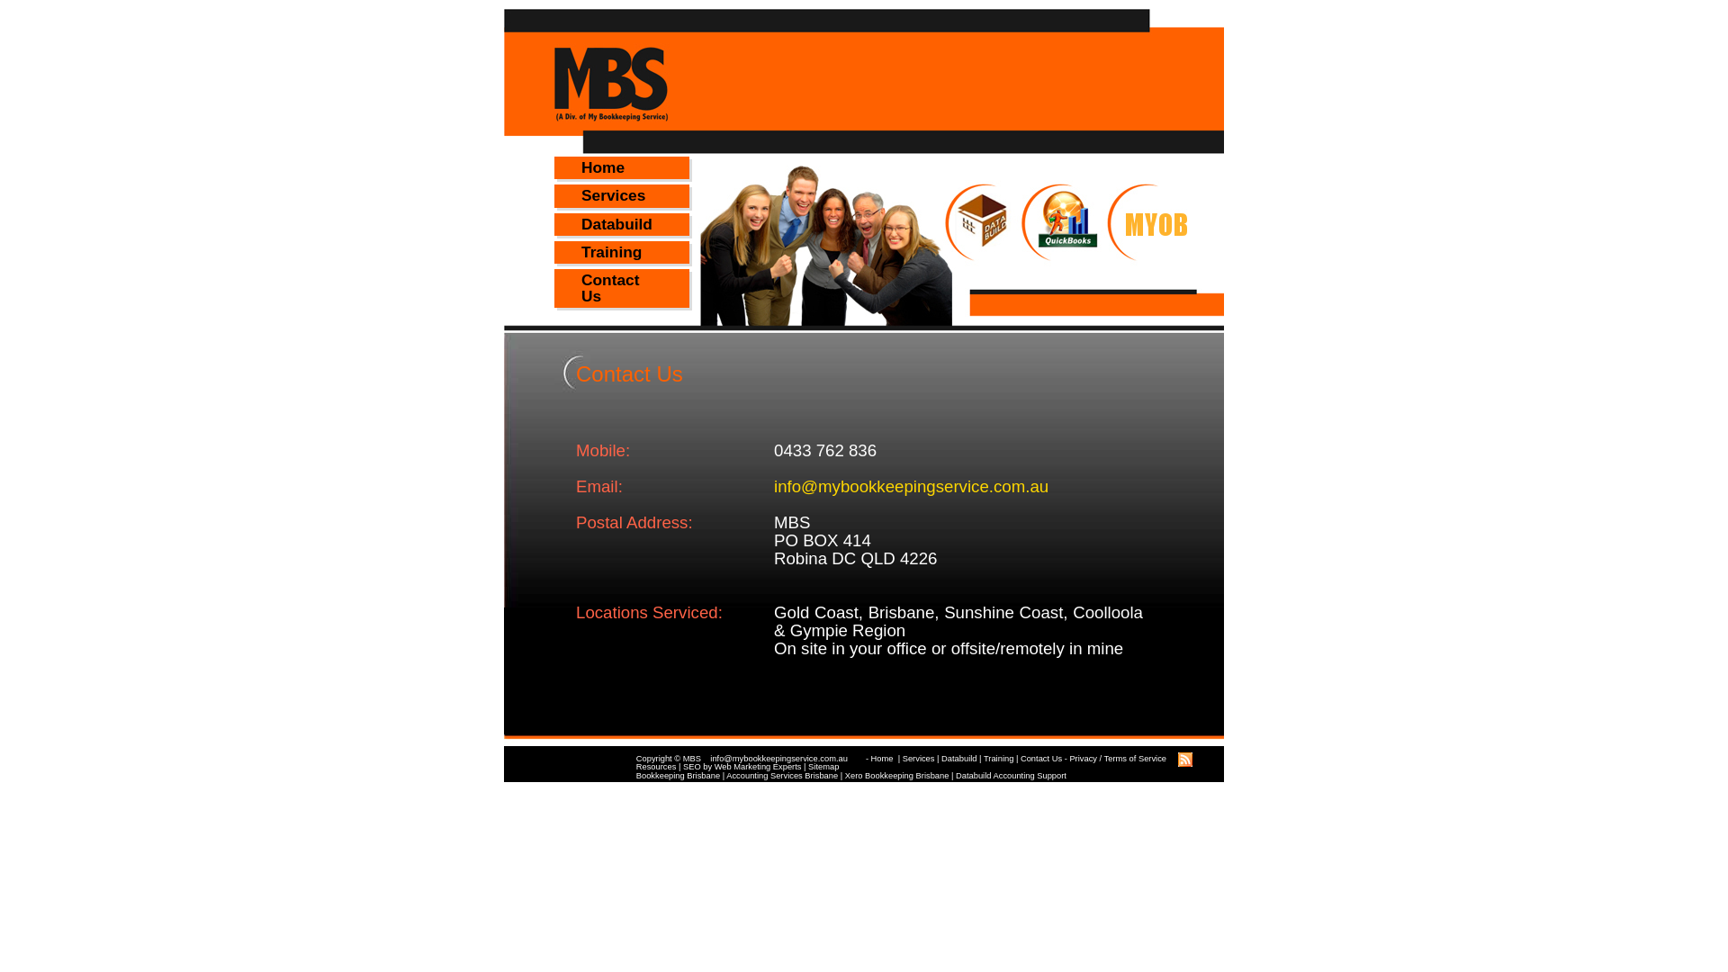  I want to click on 'Home', so click(622, 167).